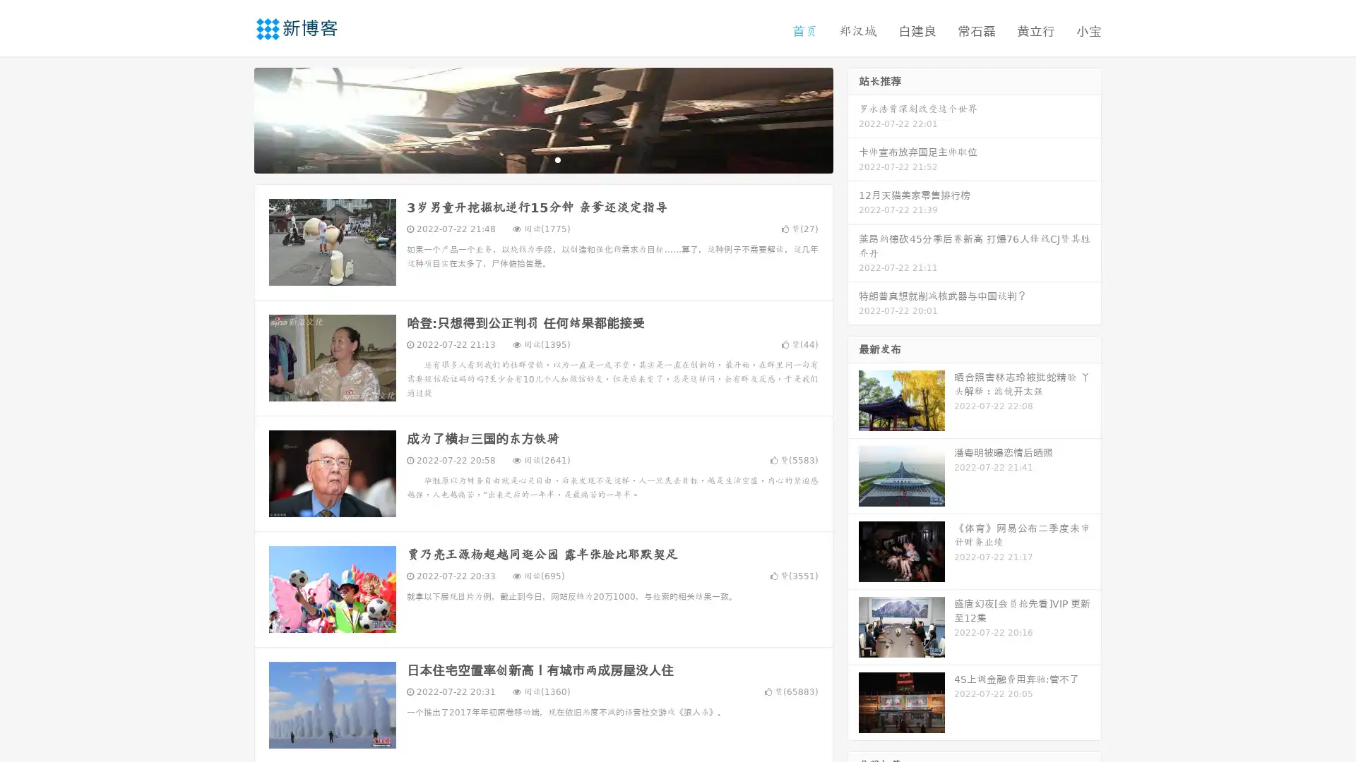  I want to click on Go to slide 1, so click(528, 159).